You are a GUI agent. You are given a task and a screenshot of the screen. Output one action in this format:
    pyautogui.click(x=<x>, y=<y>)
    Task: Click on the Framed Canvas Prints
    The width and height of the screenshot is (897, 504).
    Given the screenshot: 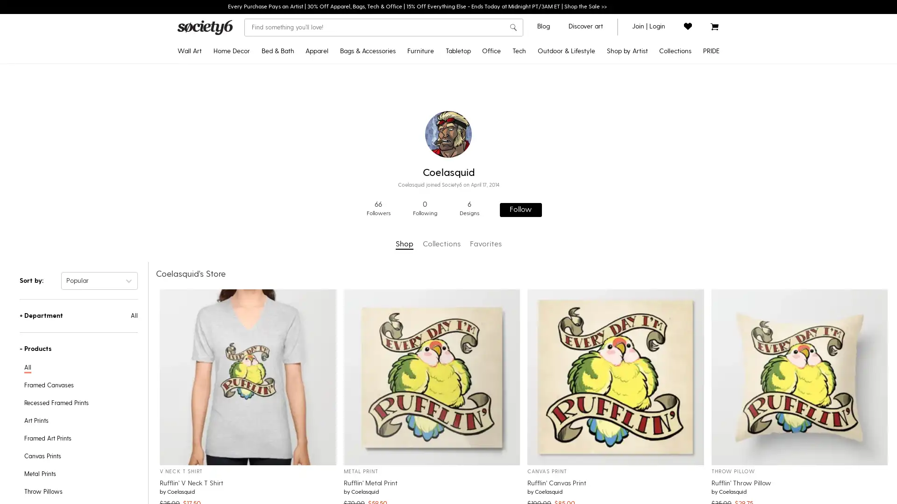 What is the action you would take?
    pyautogui.click(x=220, y=135)
    